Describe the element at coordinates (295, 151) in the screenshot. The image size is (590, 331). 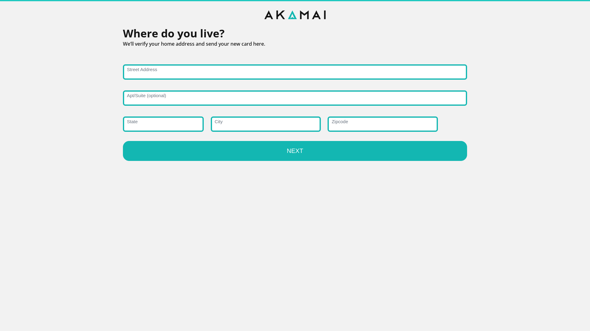
I see `'NEXT'` at that location.